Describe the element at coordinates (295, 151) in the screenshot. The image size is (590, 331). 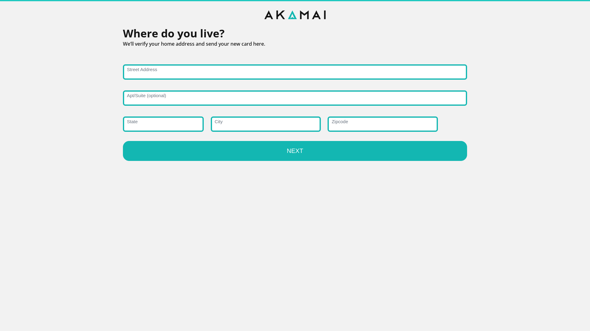
I see `'NEXT'` at that location.